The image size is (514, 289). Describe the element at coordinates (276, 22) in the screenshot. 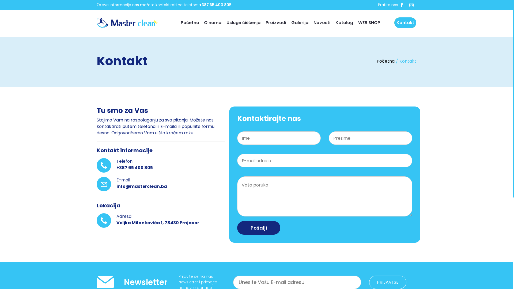

I see `'Proizvodi'` at that location.